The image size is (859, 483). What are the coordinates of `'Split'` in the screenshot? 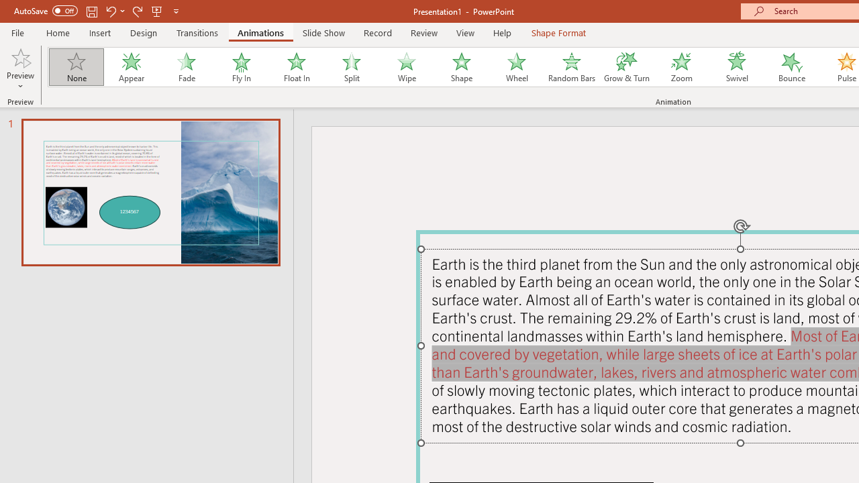 It's located at (351, 67).